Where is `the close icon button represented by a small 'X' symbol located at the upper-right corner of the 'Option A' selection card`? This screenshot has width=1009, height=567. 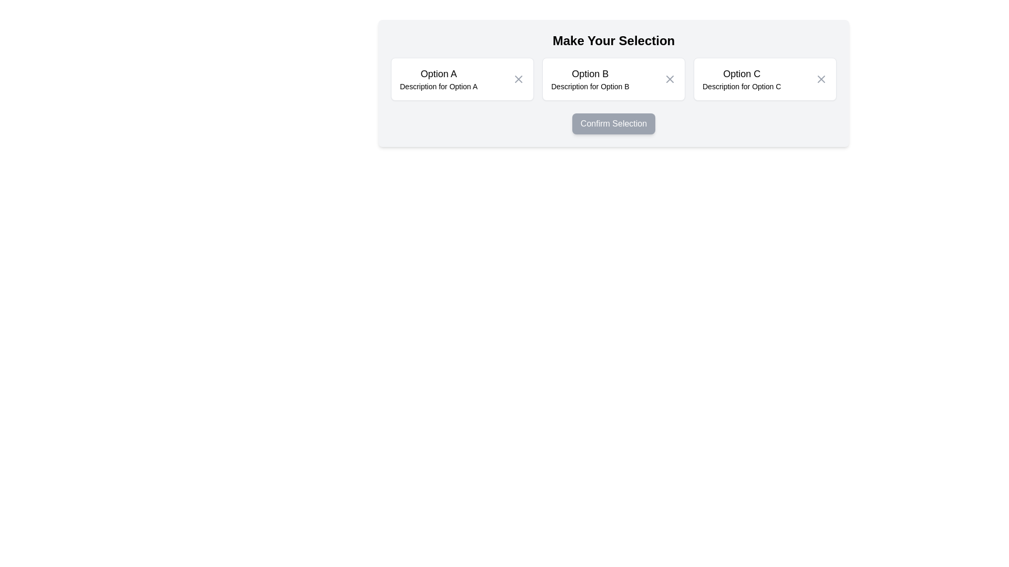 the close icon button represented by a small 'X' symbol located at the upper-right corner of the 'Option A' selection card is located at coordinates (519, 78).